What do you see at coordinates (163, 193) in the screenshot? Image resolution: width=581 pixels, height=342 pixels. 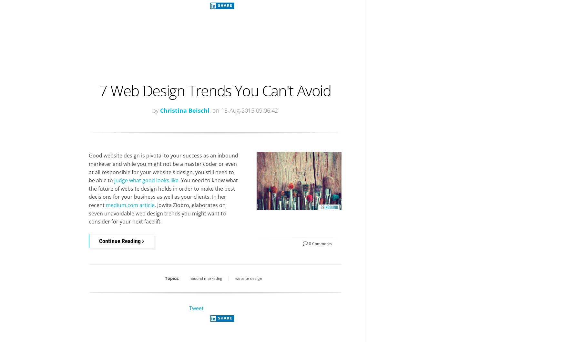 I see `'. You need to know what the future of website design holds in order to make the best decisions for your business as well as your clients. In her recent'` at bounding box center [163, 193].